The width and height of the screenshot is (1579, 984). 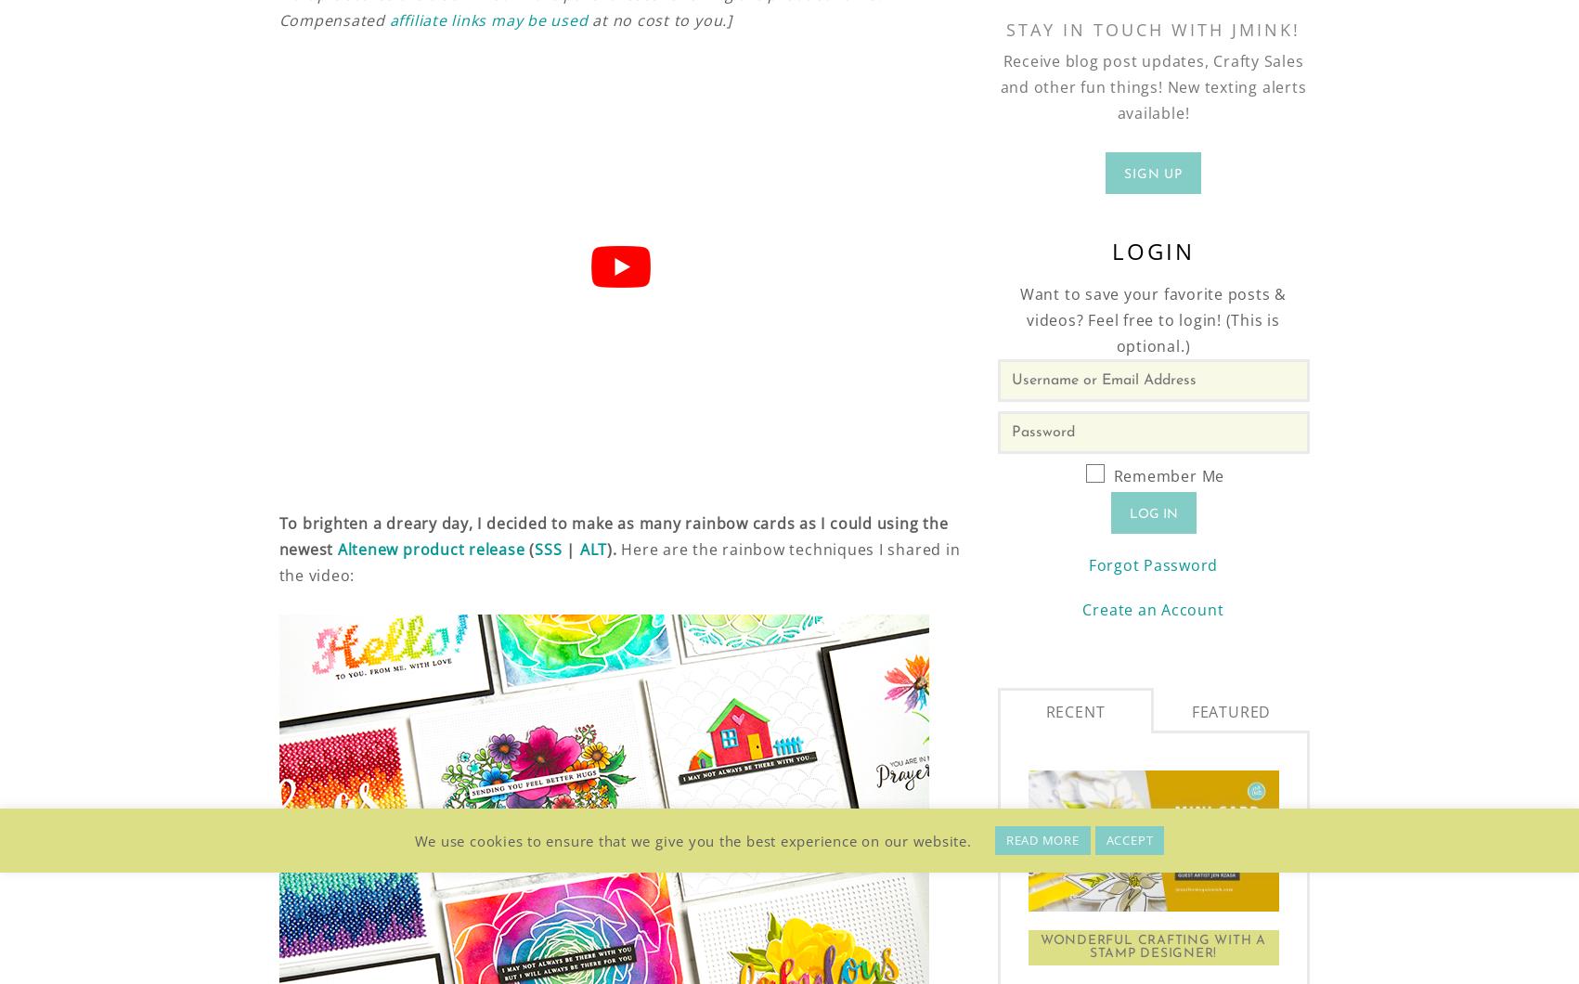 What do you see at coordinates (612, 537) in the screenshot?
I see `'To brighten a dreary day, I decided to make as many rainbow cards as I could using the newest'` at bounding box center [612, 537].